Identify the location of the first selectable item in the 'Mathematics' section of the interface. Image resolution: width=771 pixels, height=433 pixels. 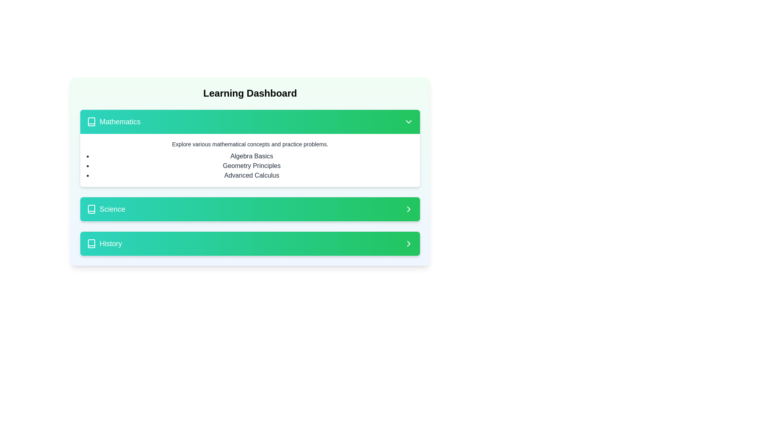
(251, 156).